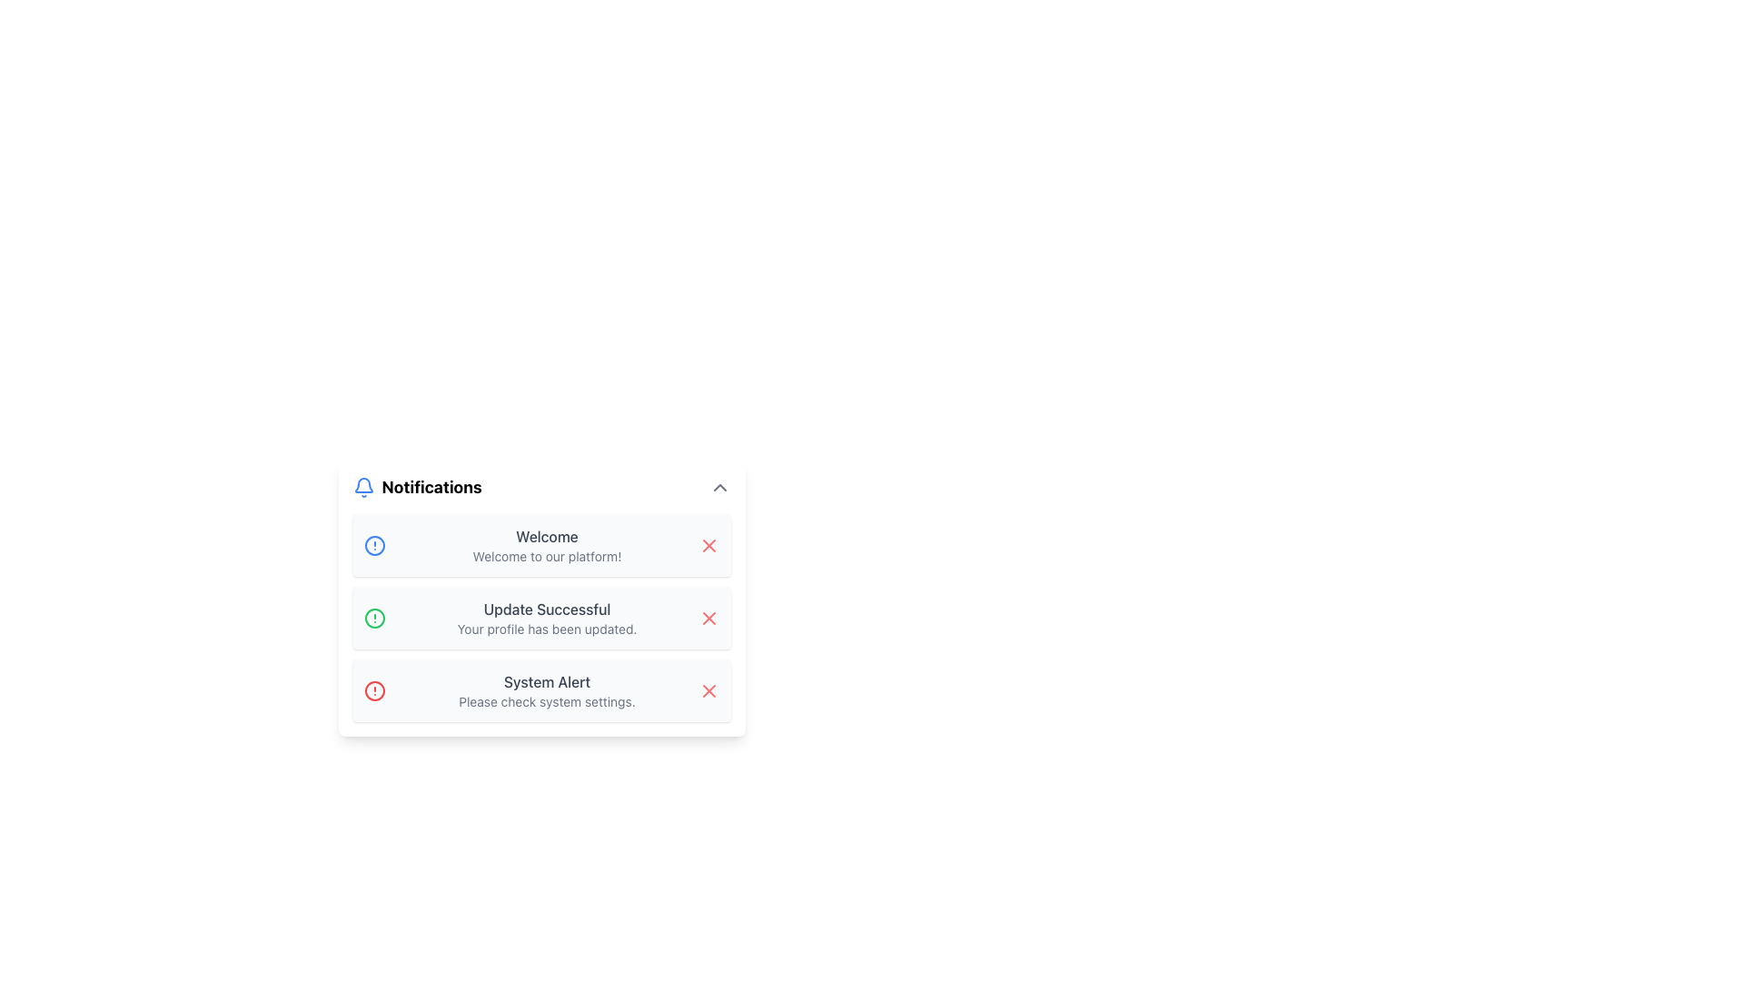 The height and width of the screenshot is (981, 1744). Describe the element at coordinates (546, 690) in the screenshot. I see `the Notification message displaying 'System Alert' and 'Please check system settings.' which is the third entry in the Notifications section` at that location.